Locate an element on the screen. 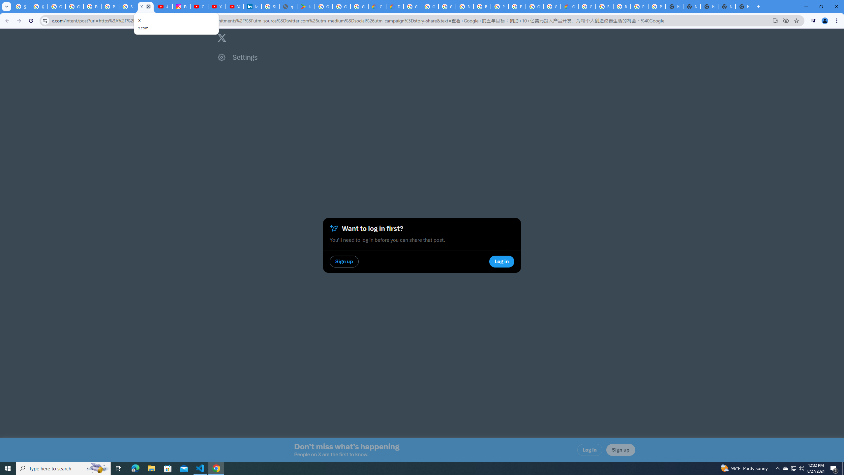  'google_privacy_policy_en.pdf' is located at coordinates (287, 6).